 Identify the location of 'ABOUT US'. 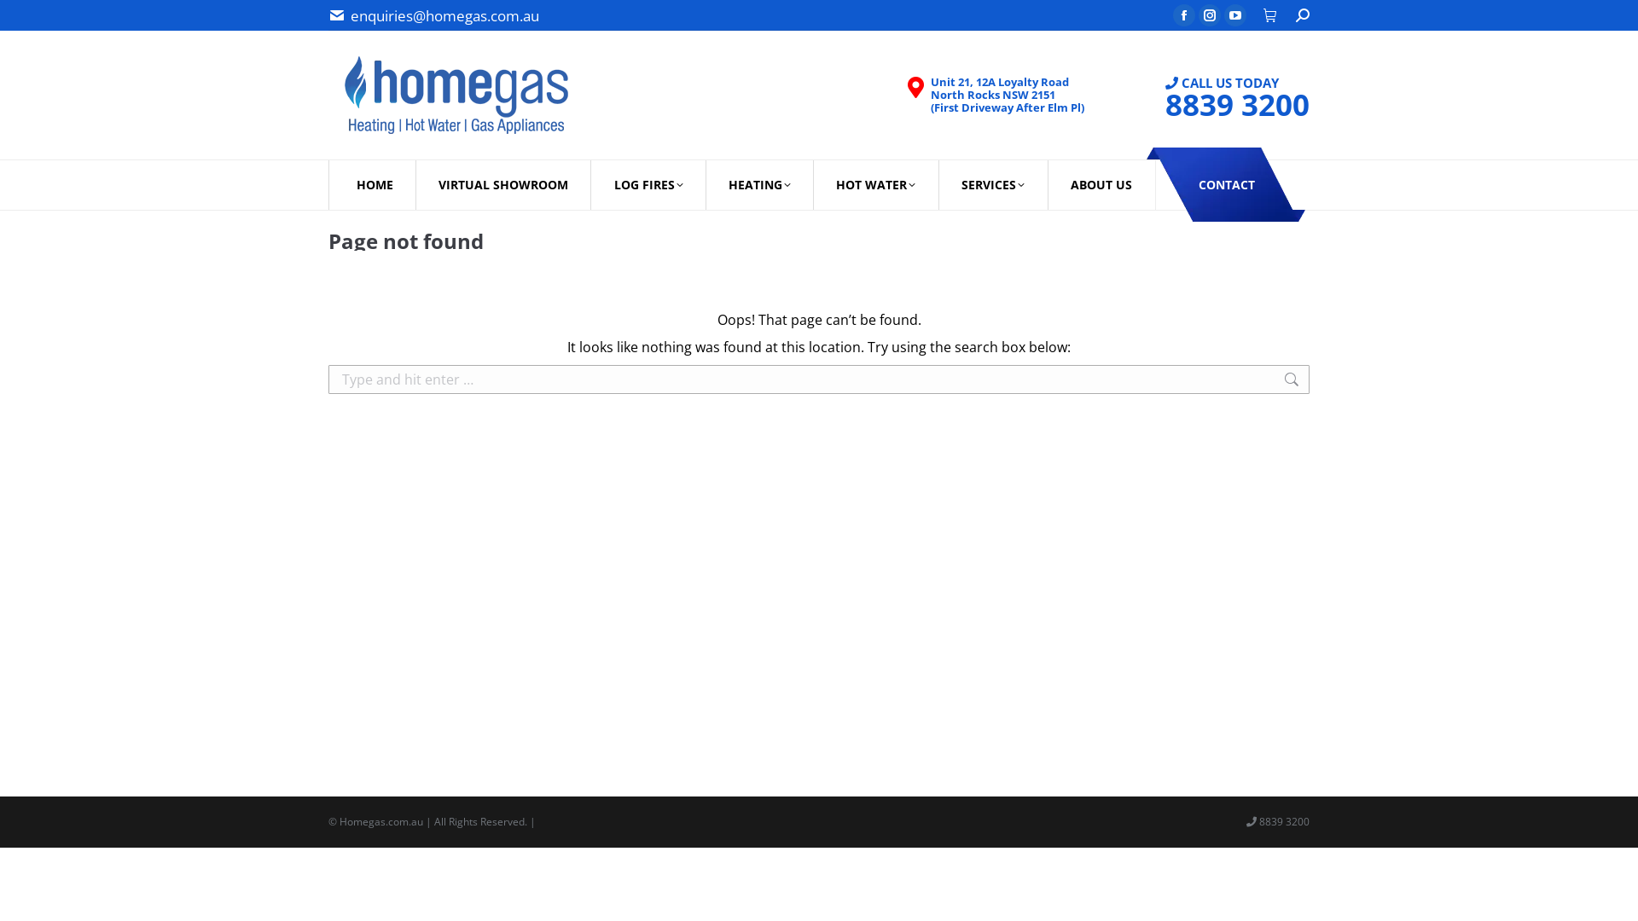
(1101, 184).